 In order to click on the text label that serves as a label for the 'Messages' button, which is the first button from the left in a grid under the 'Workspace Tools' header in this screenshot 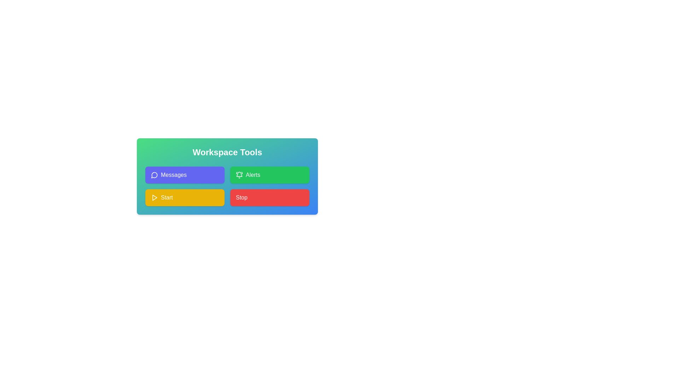, I will do `click(174, 175)`.